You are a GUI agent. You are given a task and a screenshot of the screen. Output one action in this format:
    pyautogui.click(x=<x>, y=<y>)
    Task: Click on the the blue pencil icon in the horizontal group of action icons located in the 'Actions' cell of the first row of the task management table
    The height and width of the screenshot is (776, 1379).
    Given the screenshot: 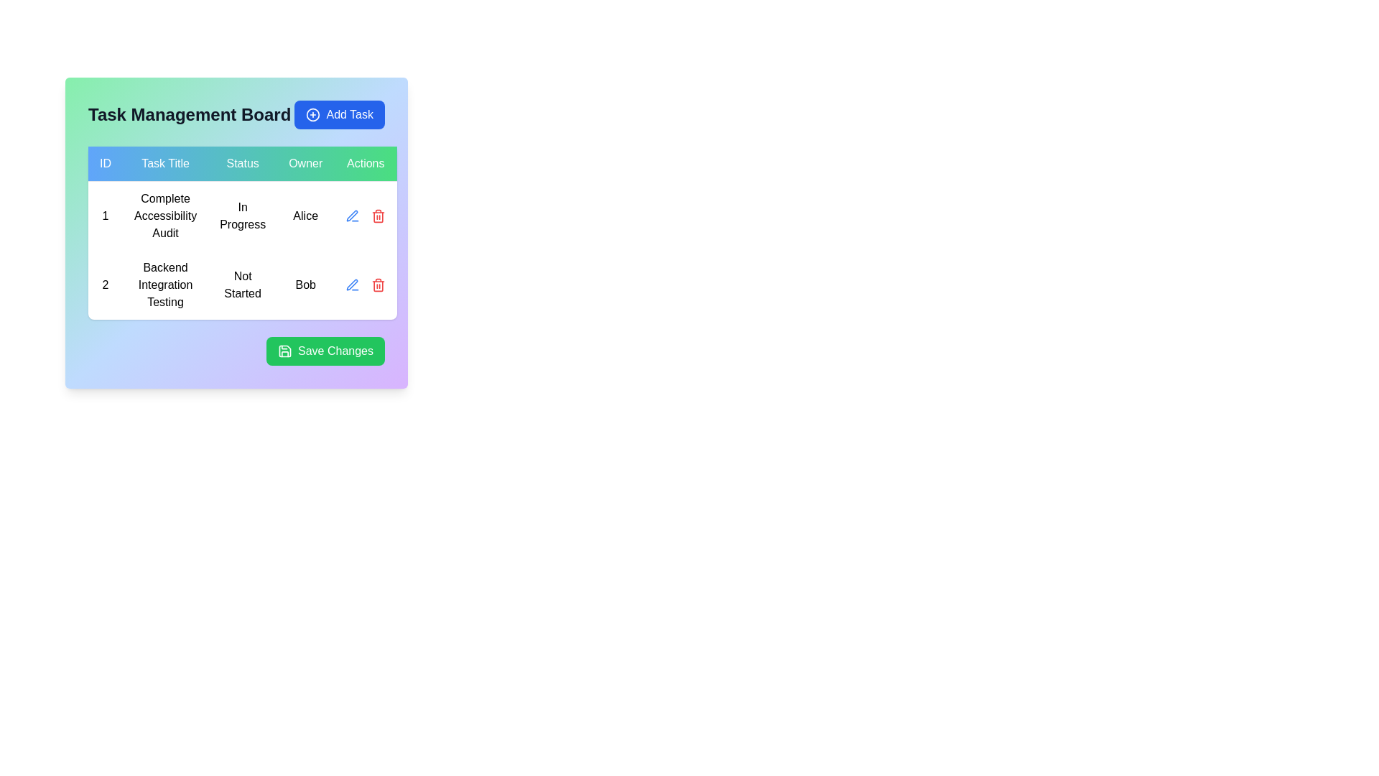 What is the action you would take?
    pyautogui.click(x=366, y=216)
    